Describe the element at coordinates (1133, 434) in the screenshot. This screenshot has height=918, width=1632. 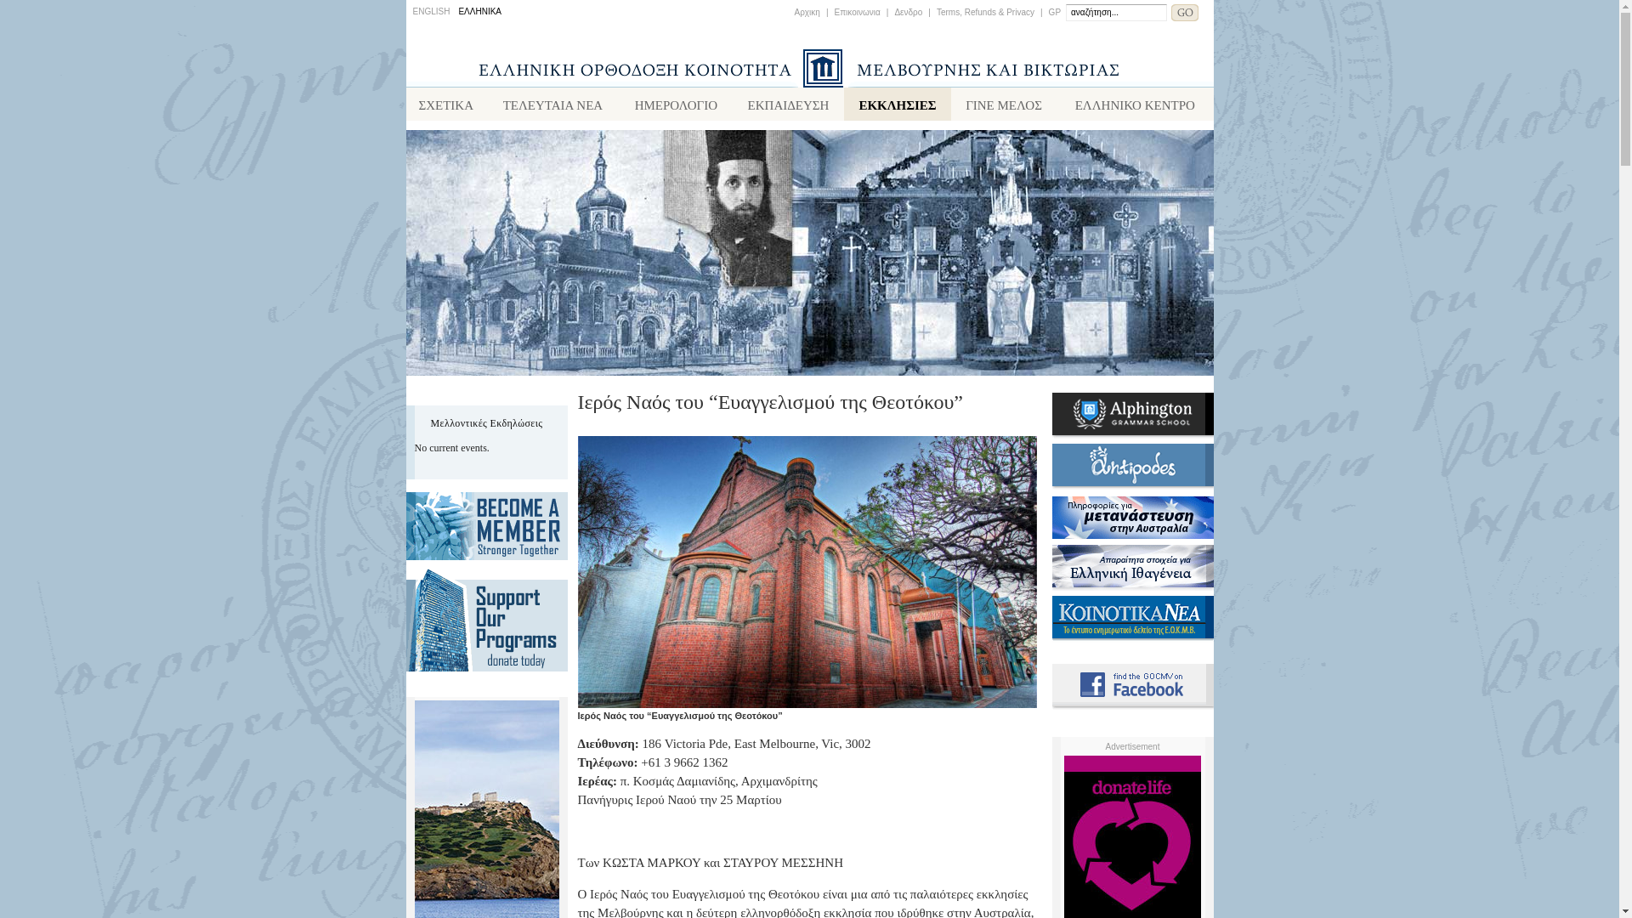
I see `'Alphington Grammar'` at that location.